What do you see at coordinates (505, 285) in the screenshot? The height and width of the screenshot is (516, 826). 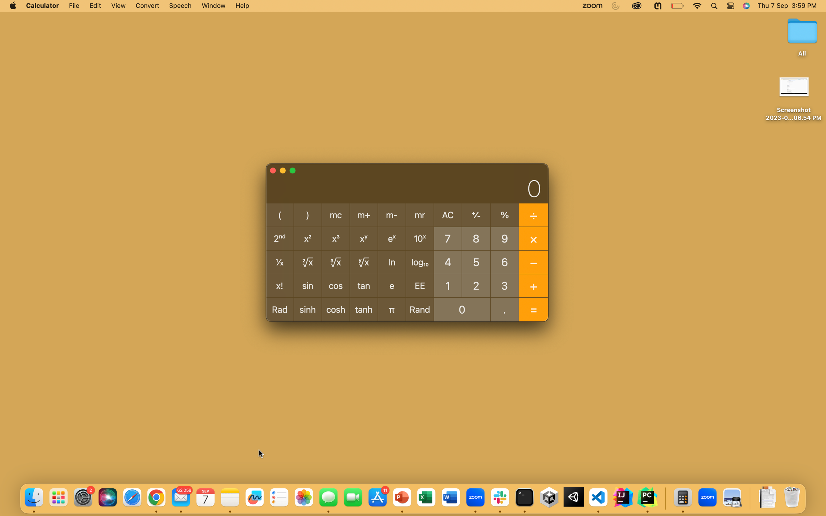 I see `Calculate the tangent of 30 degrees` at bounding box center [505, 285].